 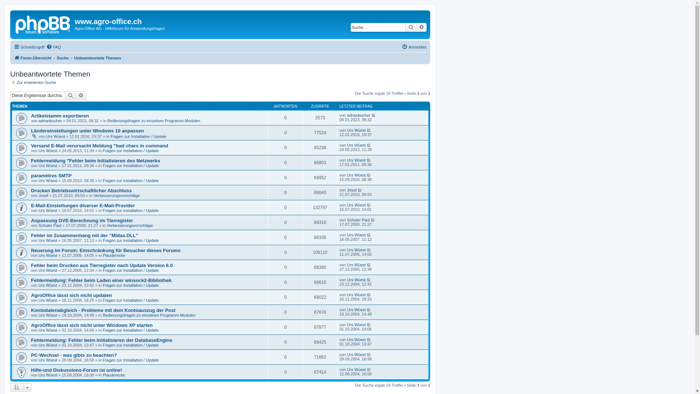 I want to click on 'Gehe zum letzten Beitrag', so click(x=369, y=370).